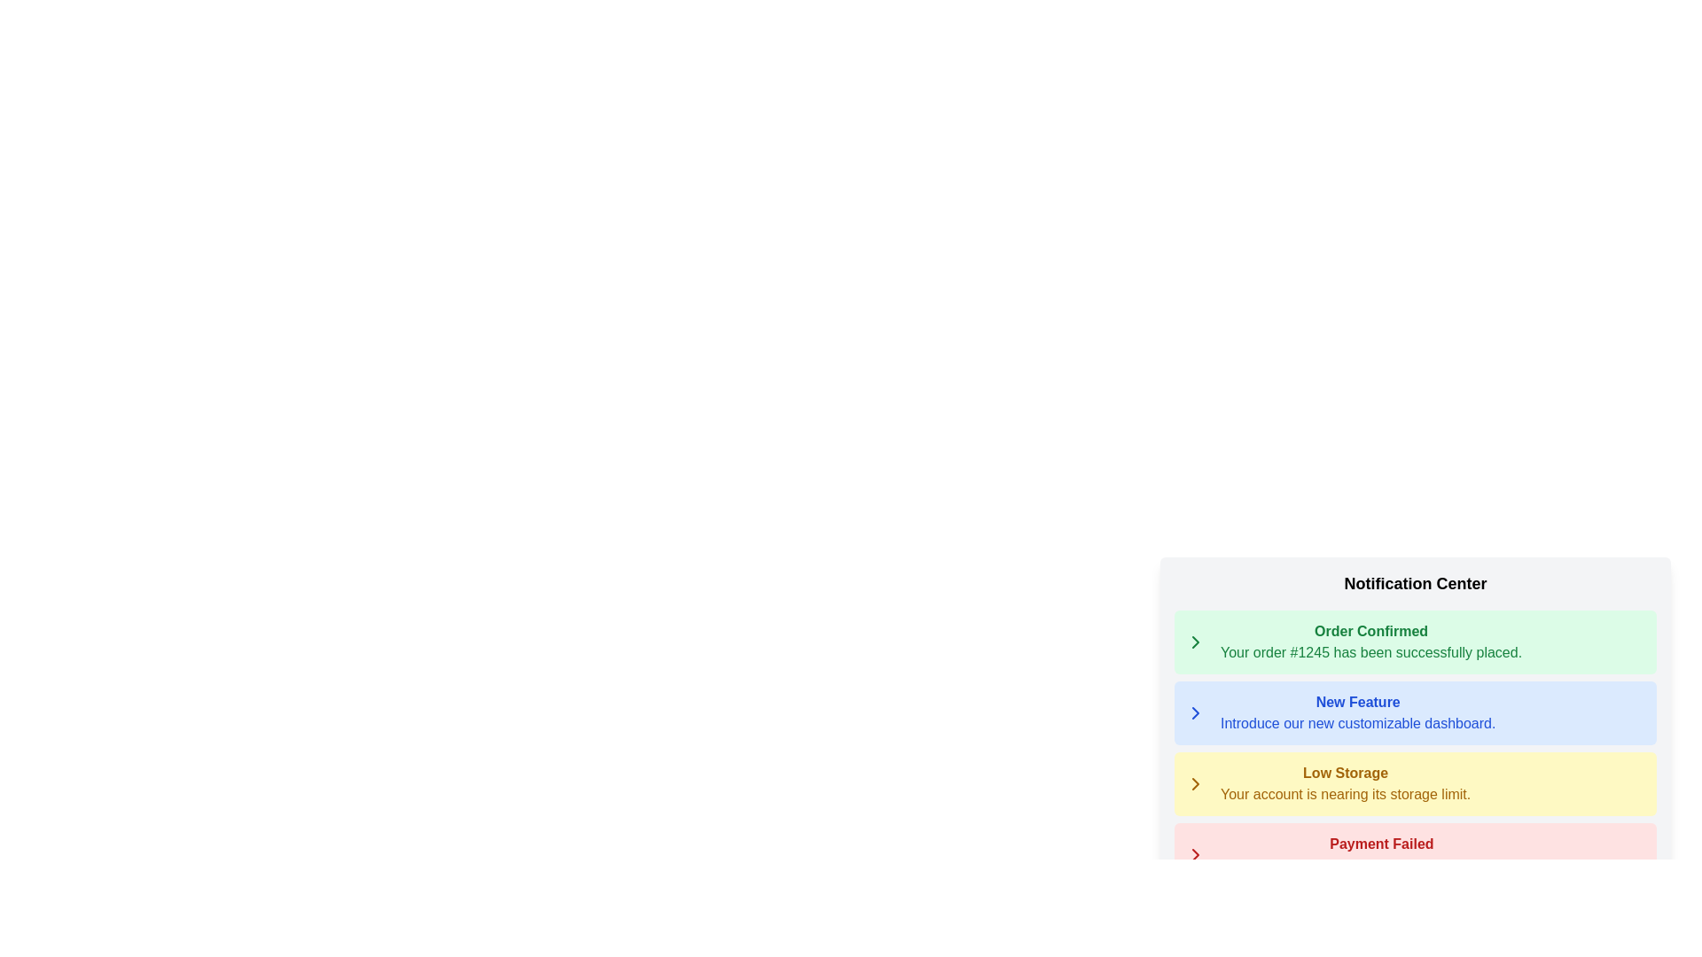  Describe the element at coordinates (1415, 782) in the screenshot. I see `informational text from the Notification Block that informs users about their account nearing its storage limit, located in the Notification Center below the 'New Feature' notification and above the 'Payment Failed' notification` at that location.